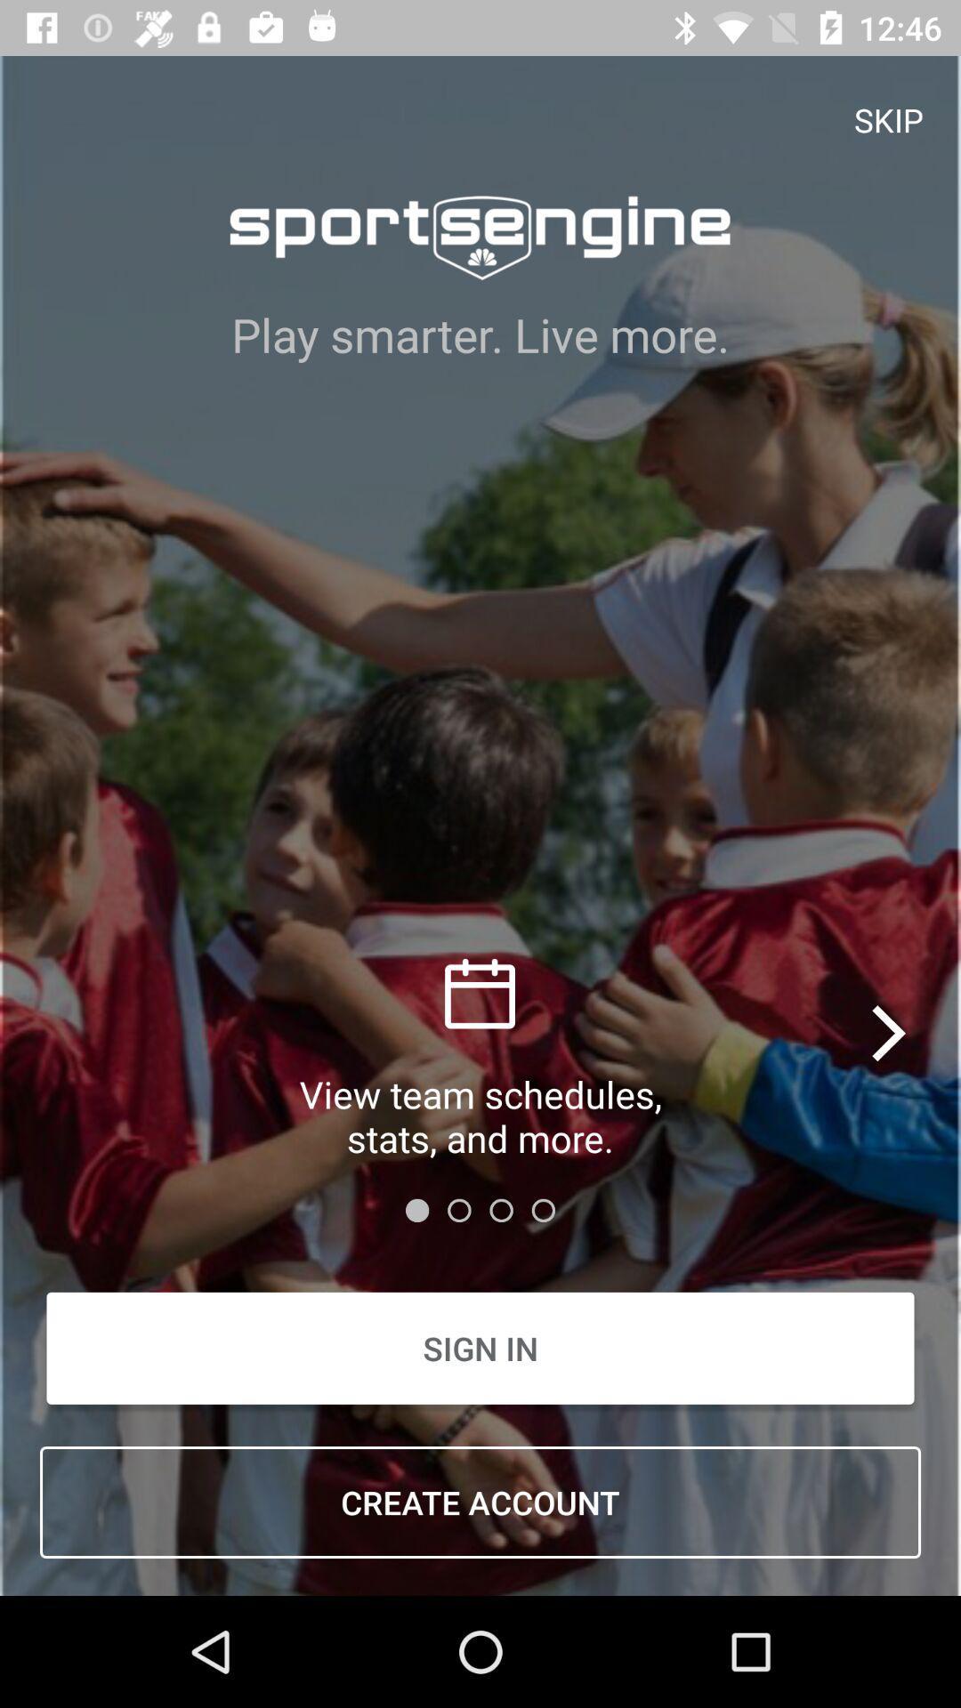 The height and width of the screenshot is (1708, 961). What do you see at coordinates (889, 118) in the screenshot?
I see `the item above play smarter live item` at bounding box center [889, 118].